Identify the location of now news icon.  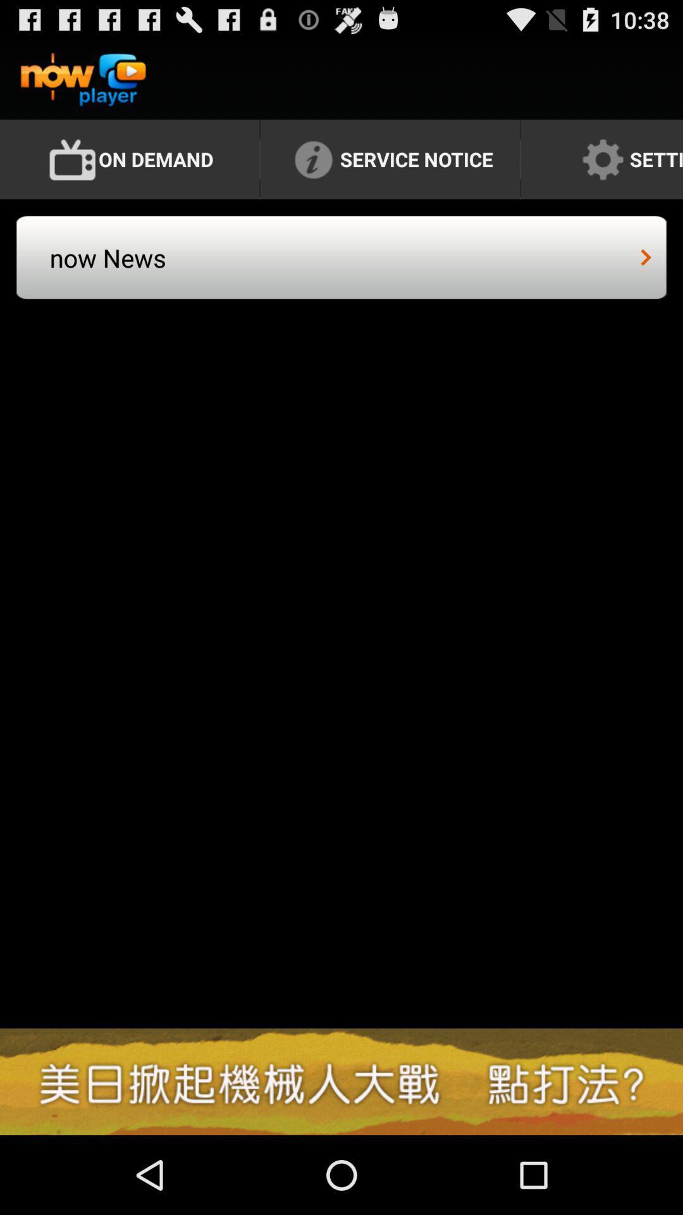
(197, 269).